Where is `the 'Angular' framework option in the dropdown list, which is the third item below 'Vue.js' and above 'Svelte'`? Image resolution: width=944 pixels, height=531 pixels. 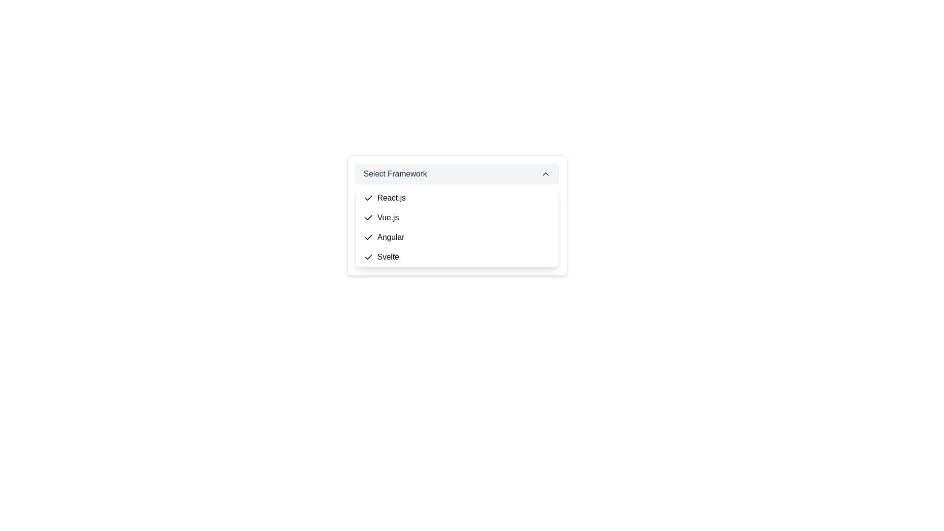
the 'Angular' framework option in the dropdown list, which is the third item below 'Vue.js' and above 'Svelte' is located at coordinates (390, 237).